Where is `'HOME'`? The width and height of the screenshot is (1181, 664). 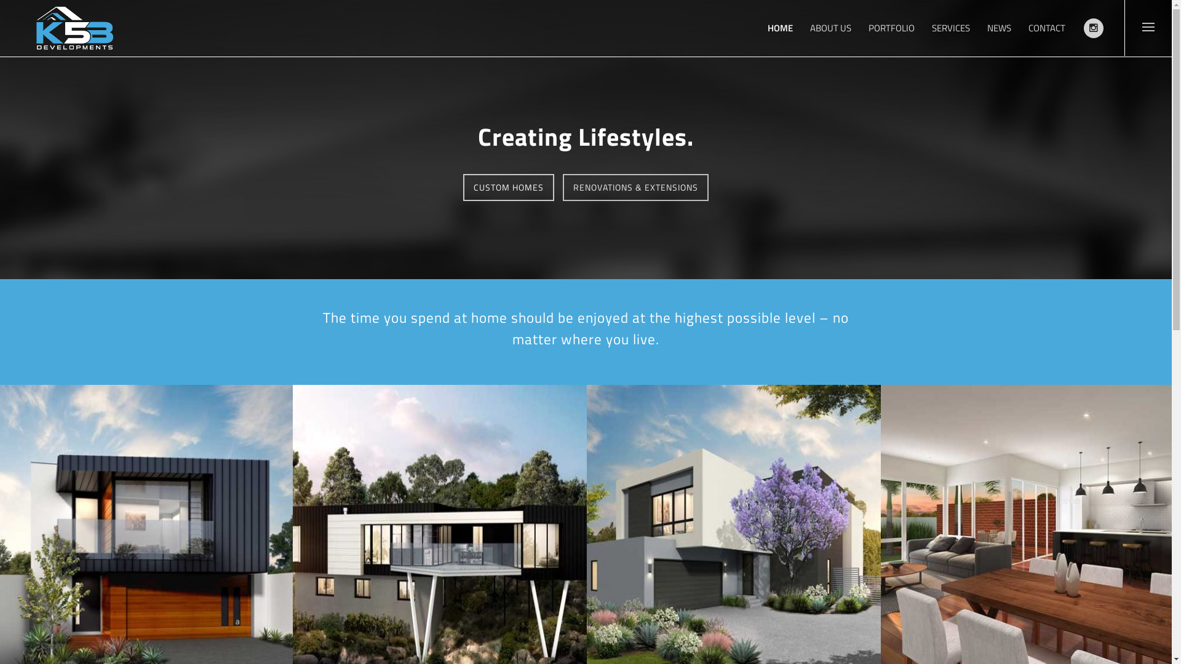 'HOME' is located at coordinates (779, 28).